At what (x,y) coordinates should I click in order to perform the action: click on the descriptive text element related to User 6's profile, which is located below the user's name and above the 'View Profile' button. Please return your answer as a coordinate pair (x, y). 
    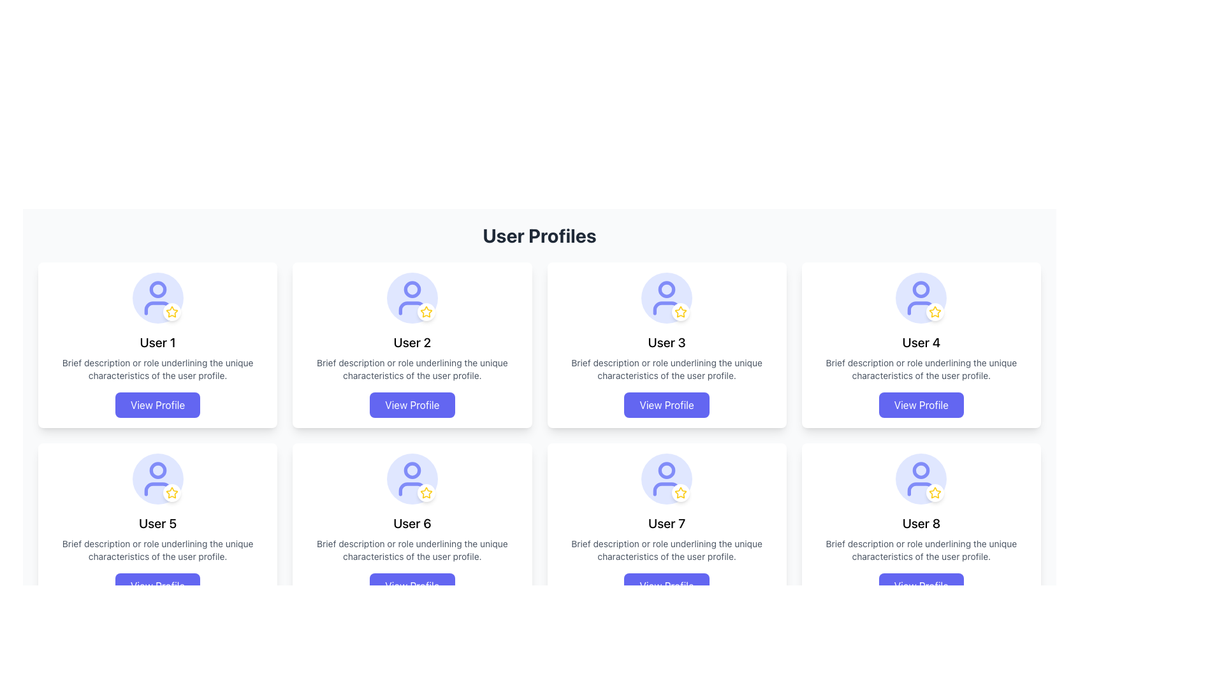
    Looking at the image, I should click on (412, 550).